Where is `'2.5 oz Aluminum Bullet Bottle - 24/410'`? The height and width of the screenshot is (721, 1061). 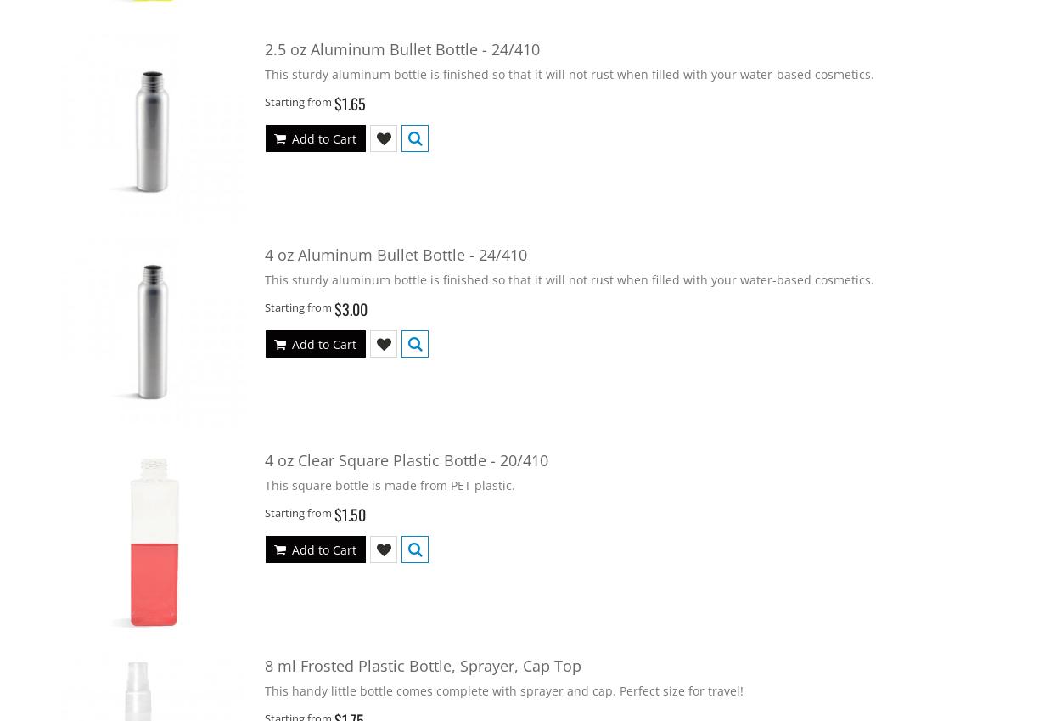 '2.5 oz Aluminum Bullet Bottle - 24/410' is located at coordinates (401, 48).